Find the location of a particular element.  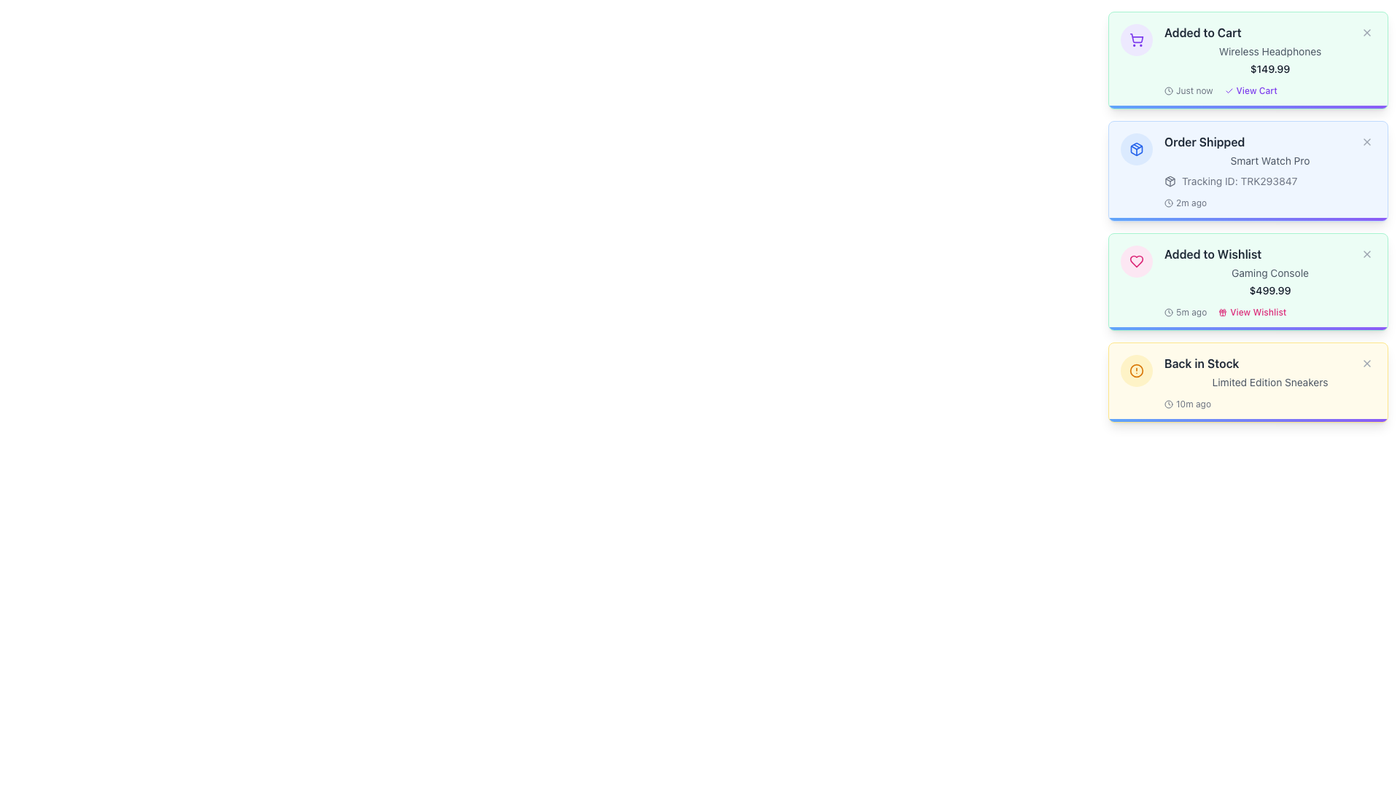

the timestamp element displaying '5m ago' in gray font, located in the 'Added to Wishlist' section of the third notification card, next to the 'View Wishlist' link is located at coordinates (1186, 311).